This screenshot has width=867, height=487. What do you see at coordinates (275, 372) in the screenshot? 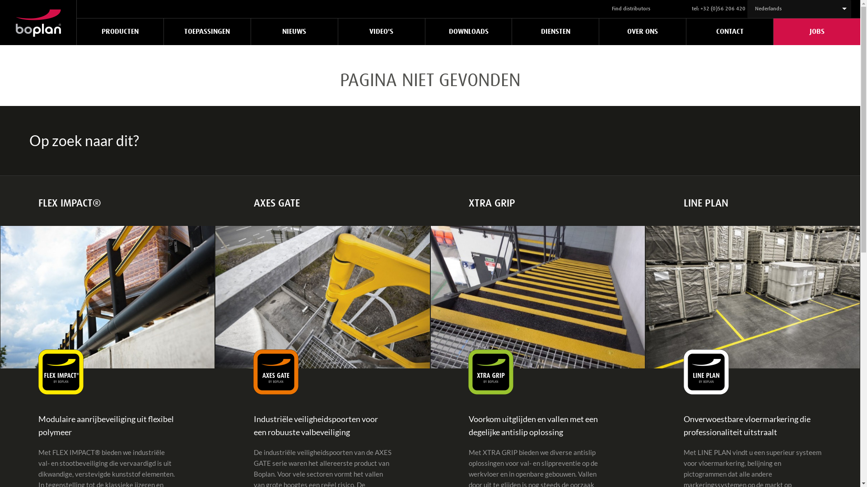
I see `'Axes Gate logo by Boplan'` at bounding box center [275, 372].